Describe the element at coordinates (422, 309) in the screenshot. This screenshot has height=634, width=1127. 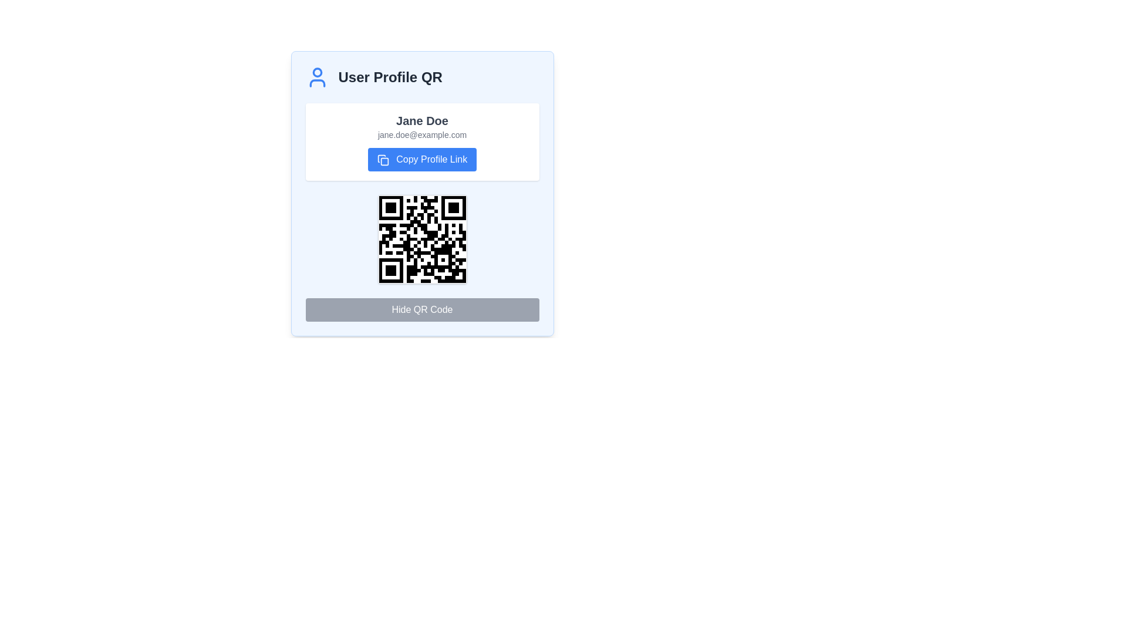
I see `the button at the bottom of the card that toggles the visibility of the displayed QR code` at that location.